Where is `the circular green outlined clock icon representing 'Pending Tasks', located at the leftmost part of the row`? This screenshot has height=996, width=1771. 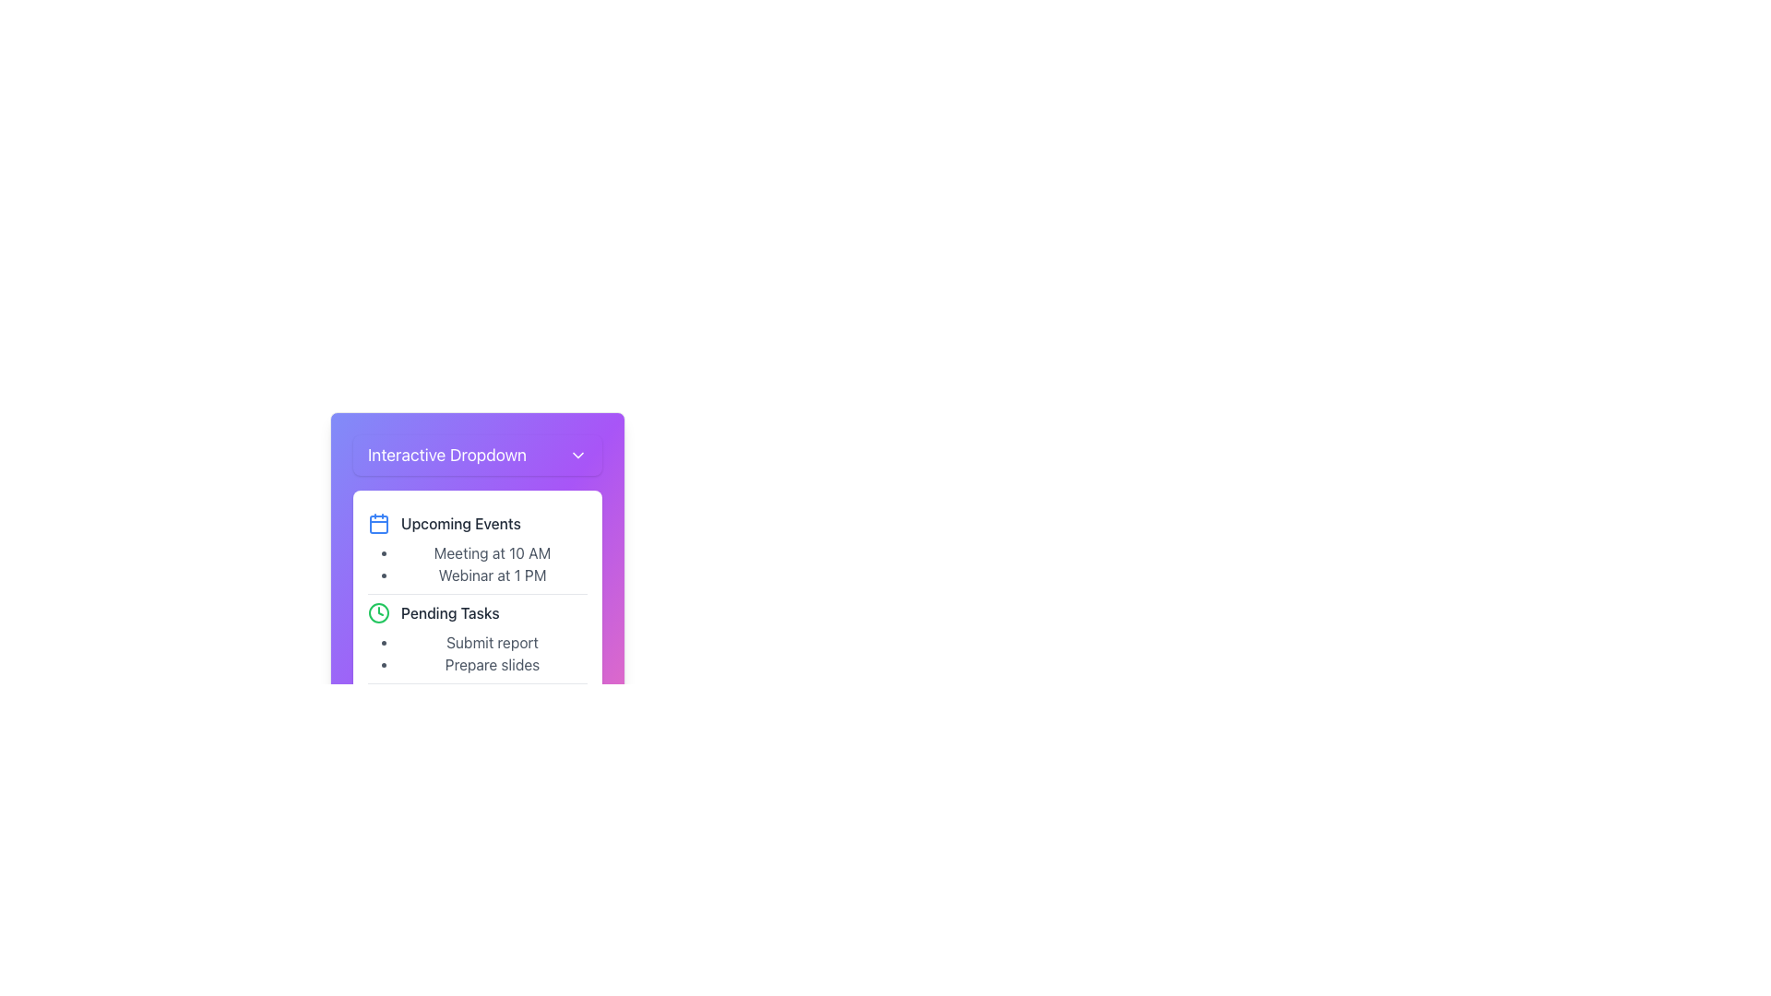 the circular green outlined clock icon representing 'Pending Tasks', located at the leftmost part of the row is located at coordinates (378, 612).